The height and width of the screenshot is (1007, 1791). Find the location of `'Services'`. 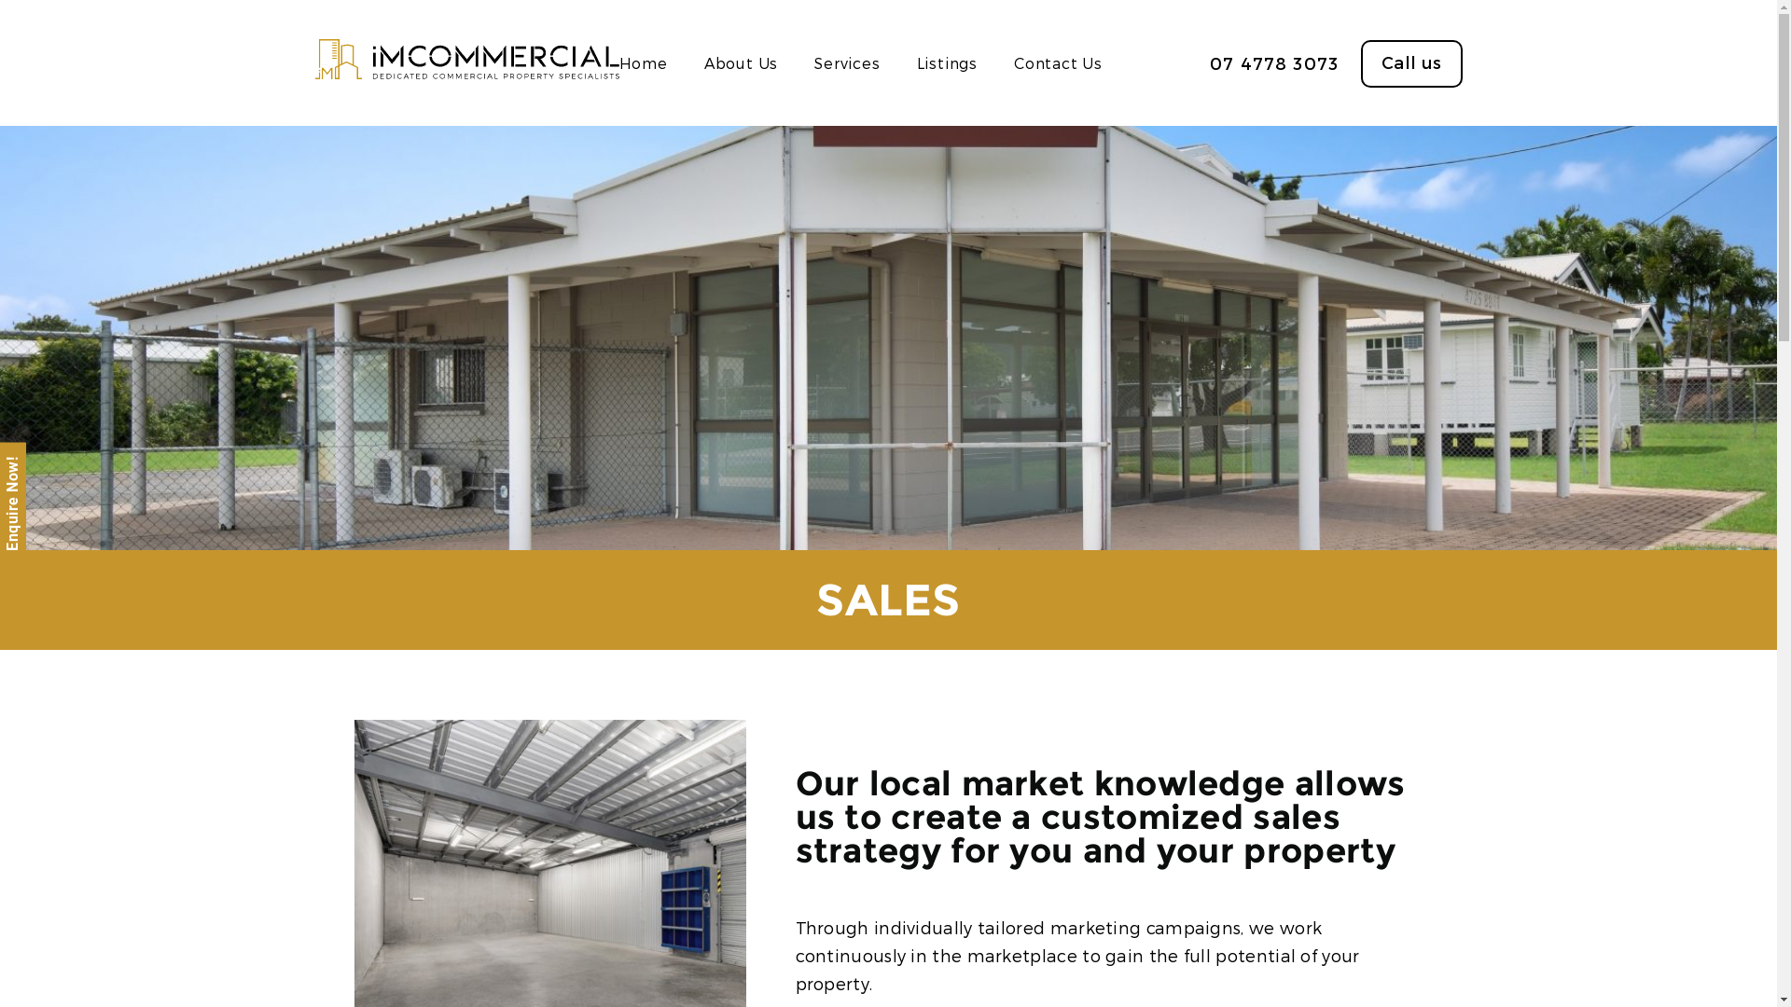

'Services' is located at coordinates (845, 62).